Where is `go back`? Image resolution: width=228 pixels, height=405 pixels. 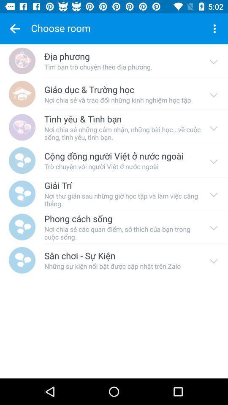 go back is located at coordinates (15, 29).